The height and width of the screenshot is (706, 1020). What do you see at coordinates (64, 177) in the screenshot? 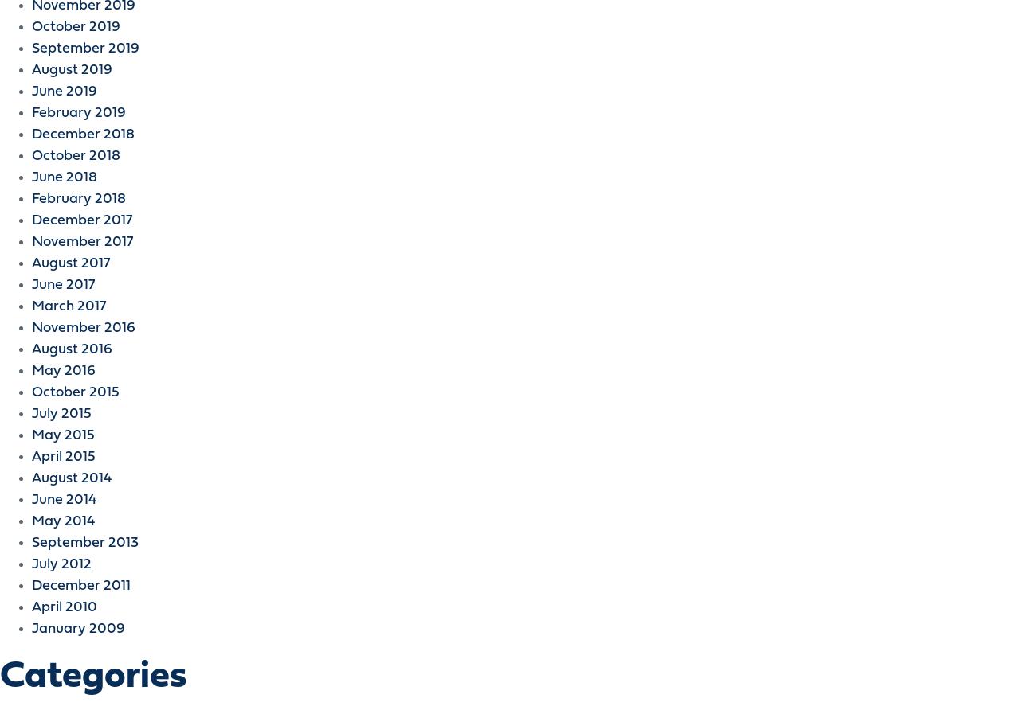
I see `'June 2018'` at bounding box center [64, 177].